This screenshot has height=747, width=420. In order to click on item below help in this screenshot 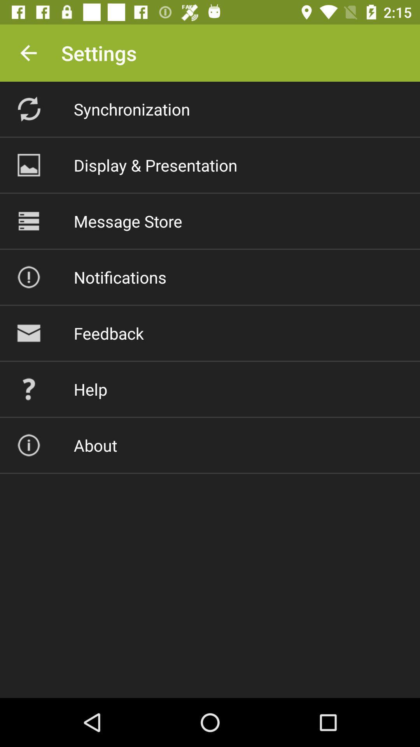, I will do `click(95, 445)`.